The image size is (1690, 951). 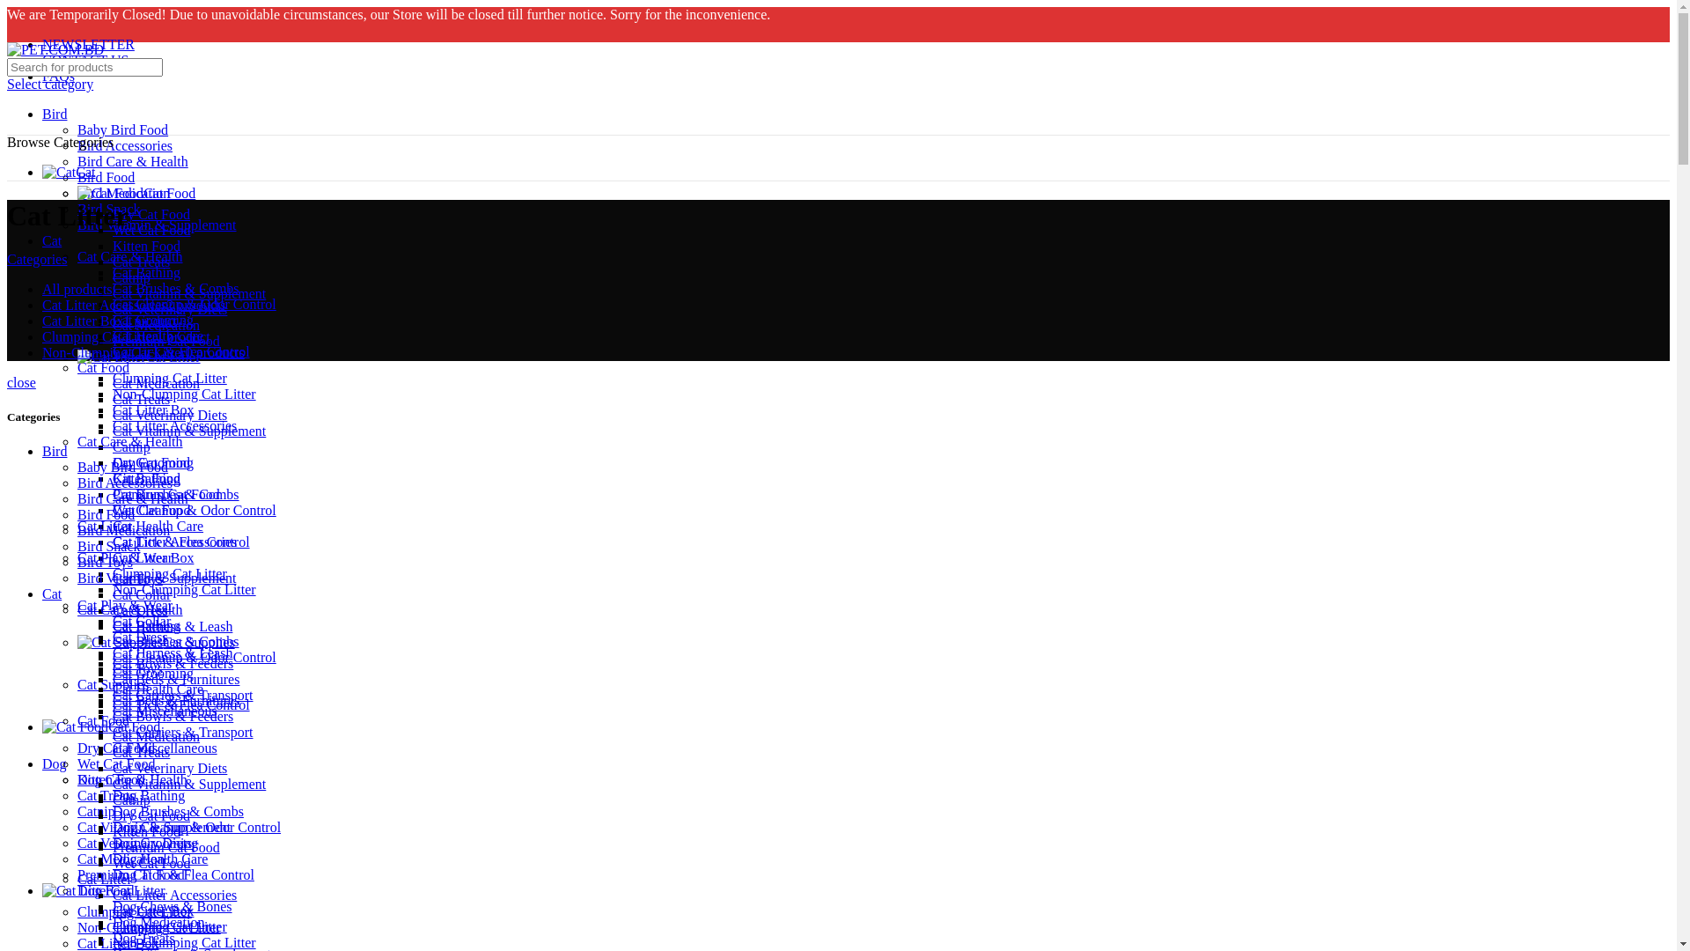 I want to click on 'Dog Chews & Bones', so click(x=173, y=906).